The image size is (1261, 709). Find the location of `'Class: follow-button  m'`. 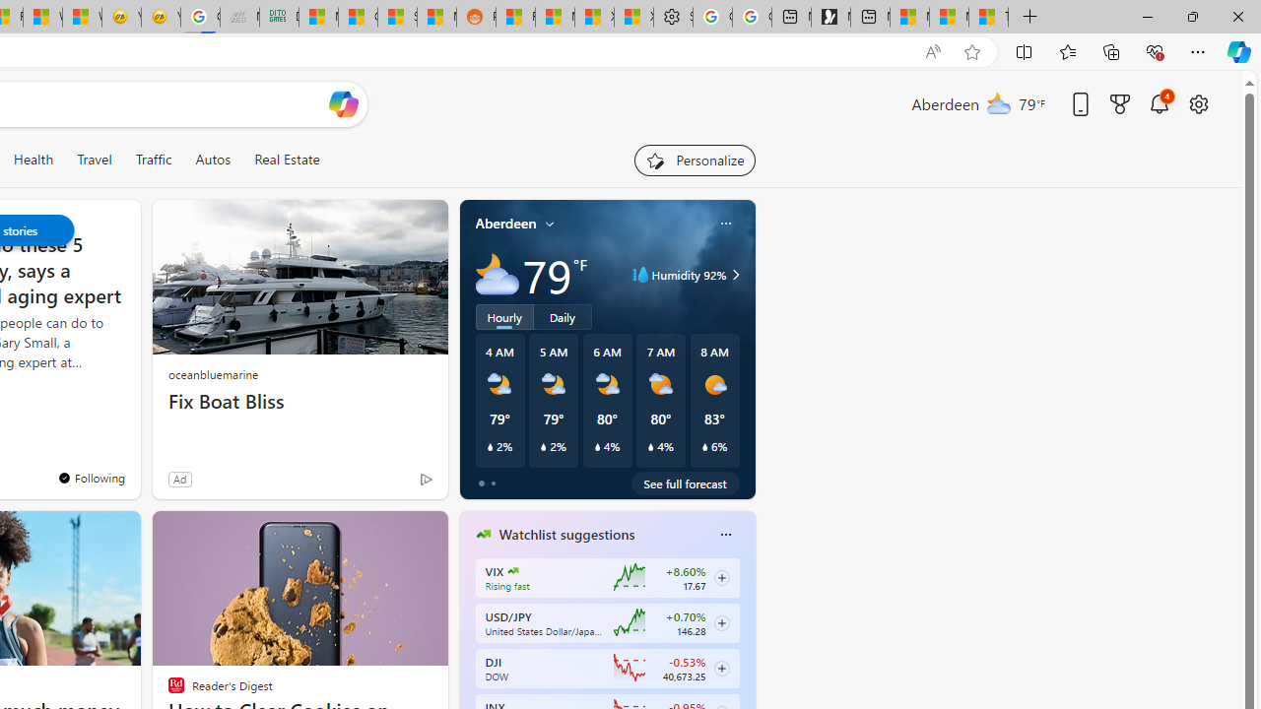

'Class: follow-button  m' is located at coordinates (720, 667).